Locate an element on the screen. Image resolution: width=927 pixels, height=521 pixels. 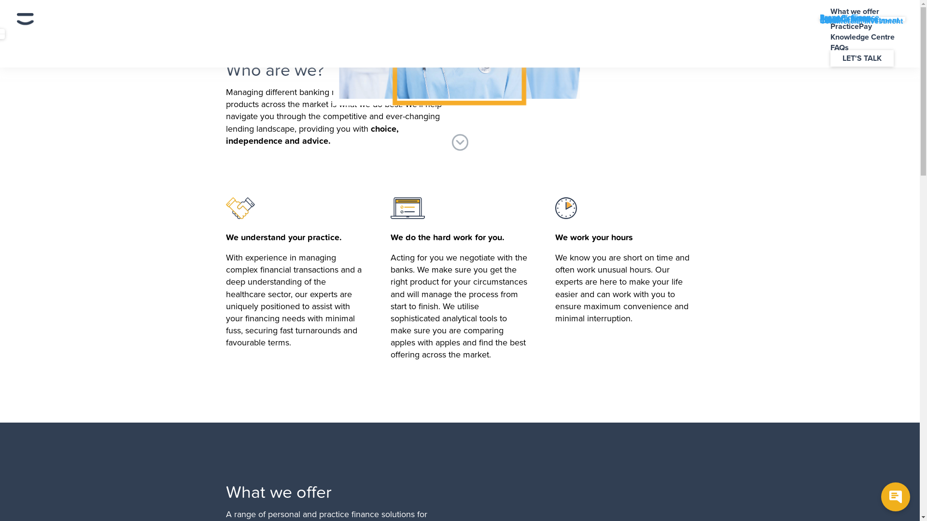
'For your practice' is located at coordinates (848, 19).